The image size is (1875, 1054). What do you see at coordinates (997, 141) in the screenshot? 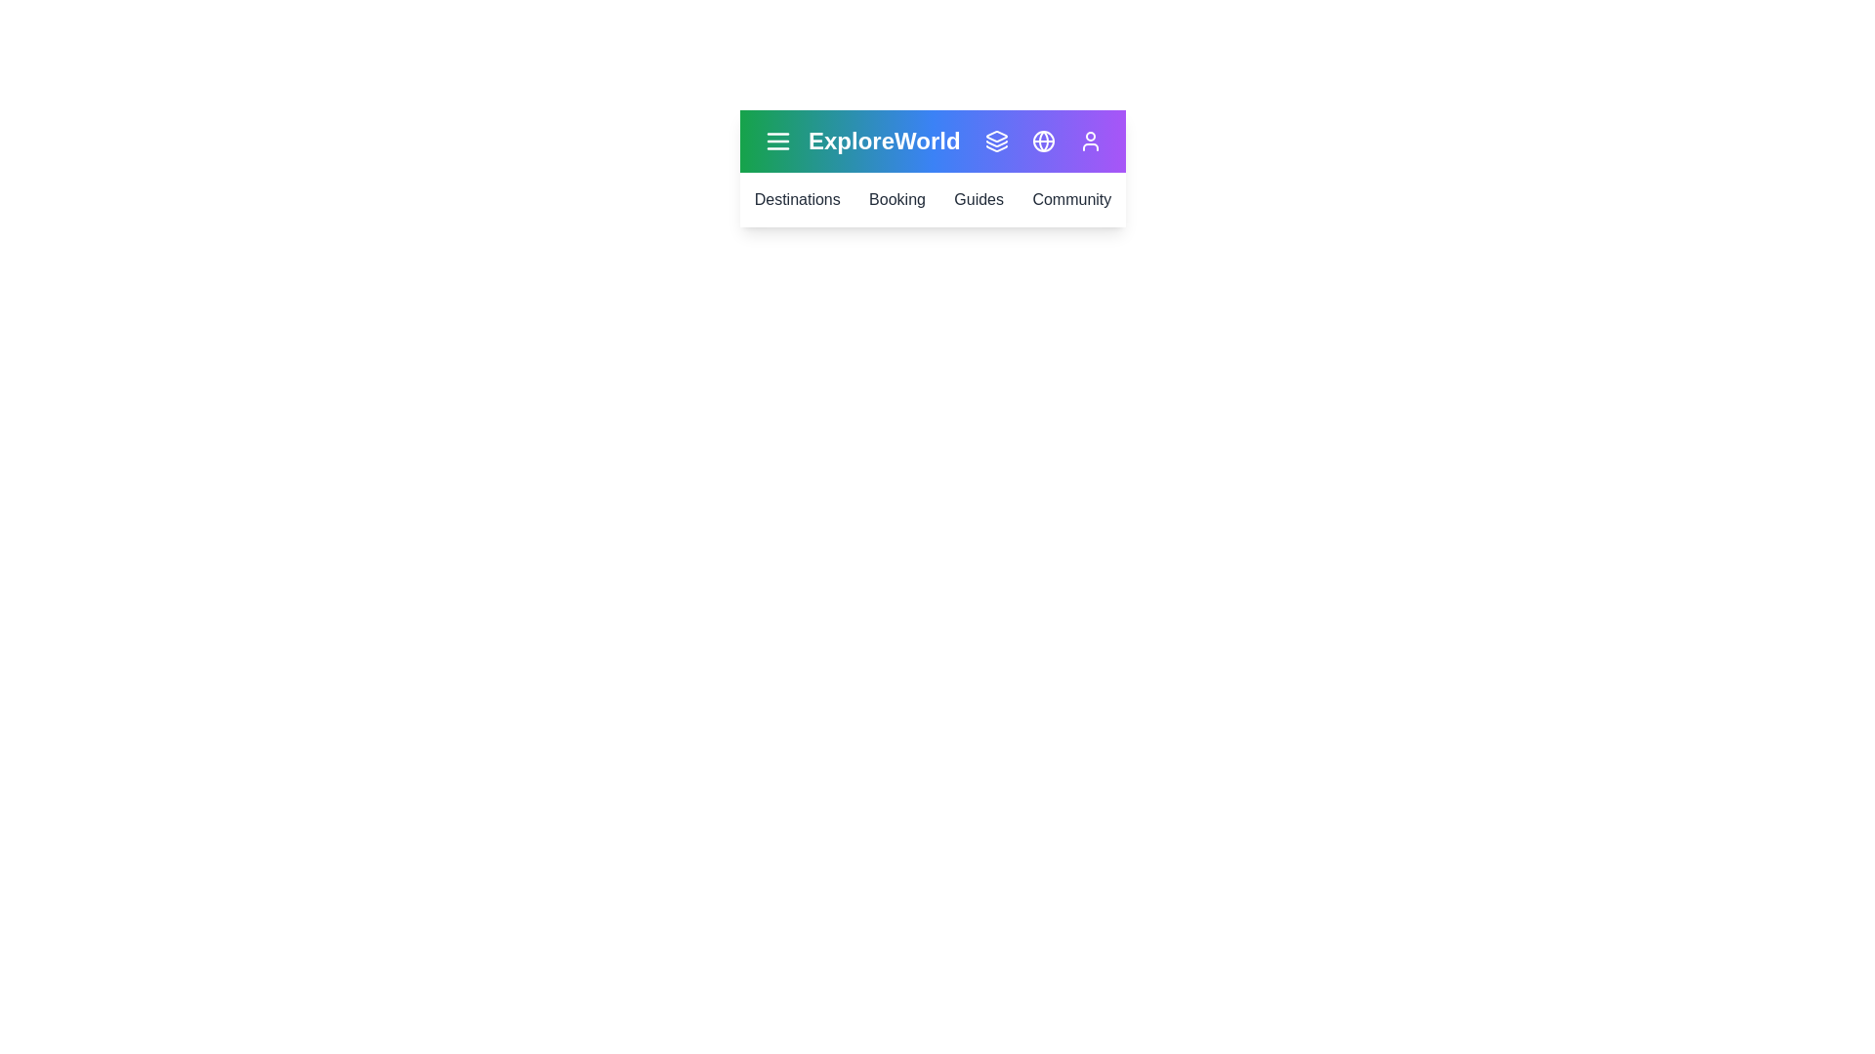
I see `the Layers icon in the top right corner of the TravelAppBar` at bounding box center [997, 141].